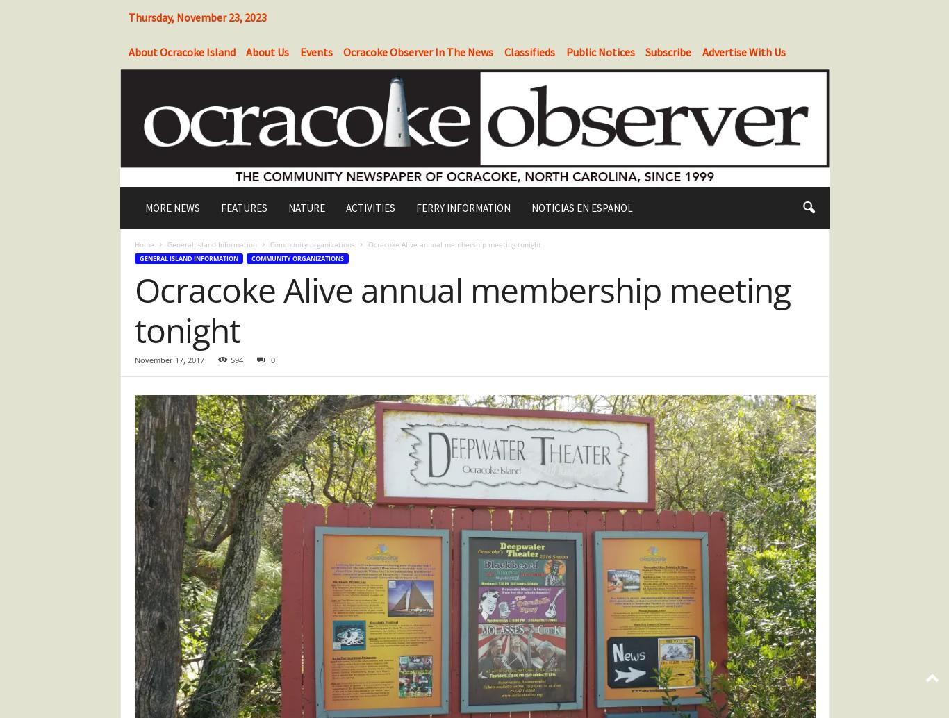 The image size is (949, 718). Describe the element at coordinates (272, 359) in the screenshot. I see `'0'` at that location.